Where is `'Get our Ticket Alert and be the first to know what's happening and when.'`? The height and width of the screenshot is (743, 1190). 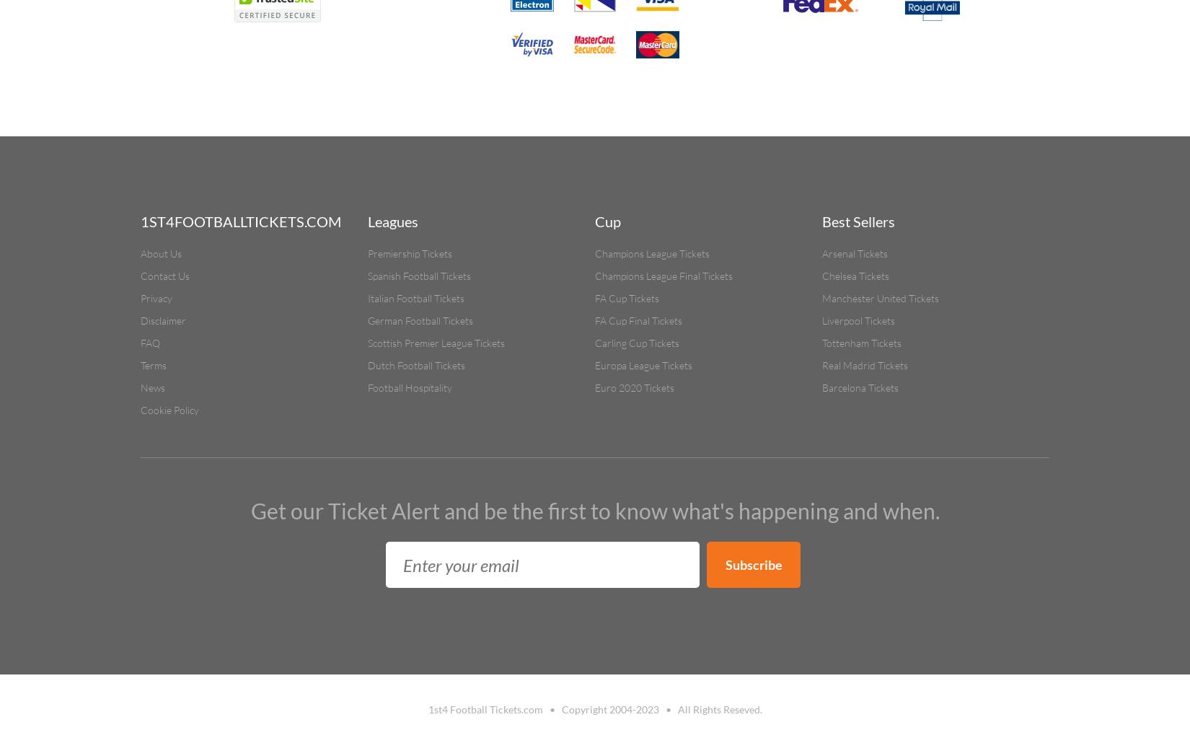 'Get our Ticket Alert and be the first to know what's happening and when.' is located at coordinates (250, 511).